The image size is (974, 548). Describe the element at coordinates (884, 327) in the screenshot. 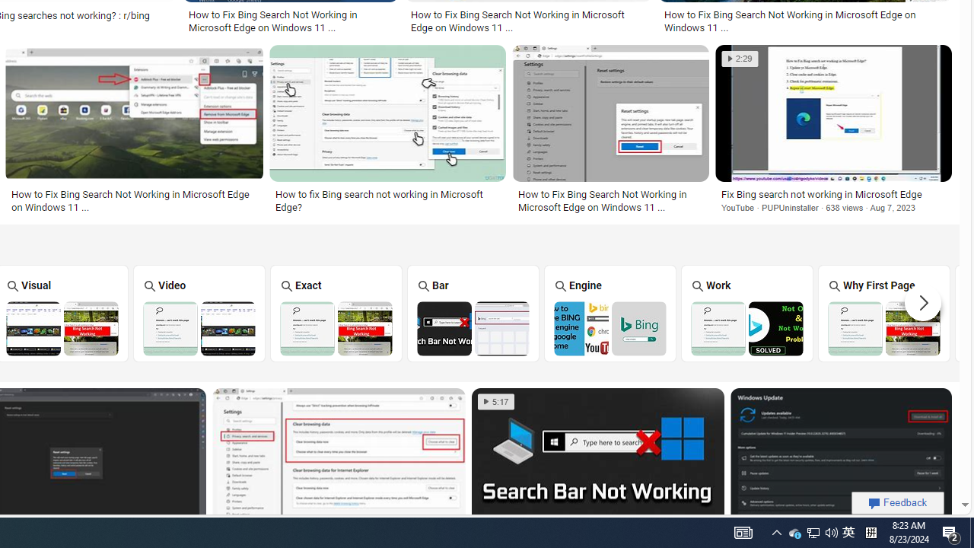

I see `'Why First Page of Bing Search Not Working'` at that location.